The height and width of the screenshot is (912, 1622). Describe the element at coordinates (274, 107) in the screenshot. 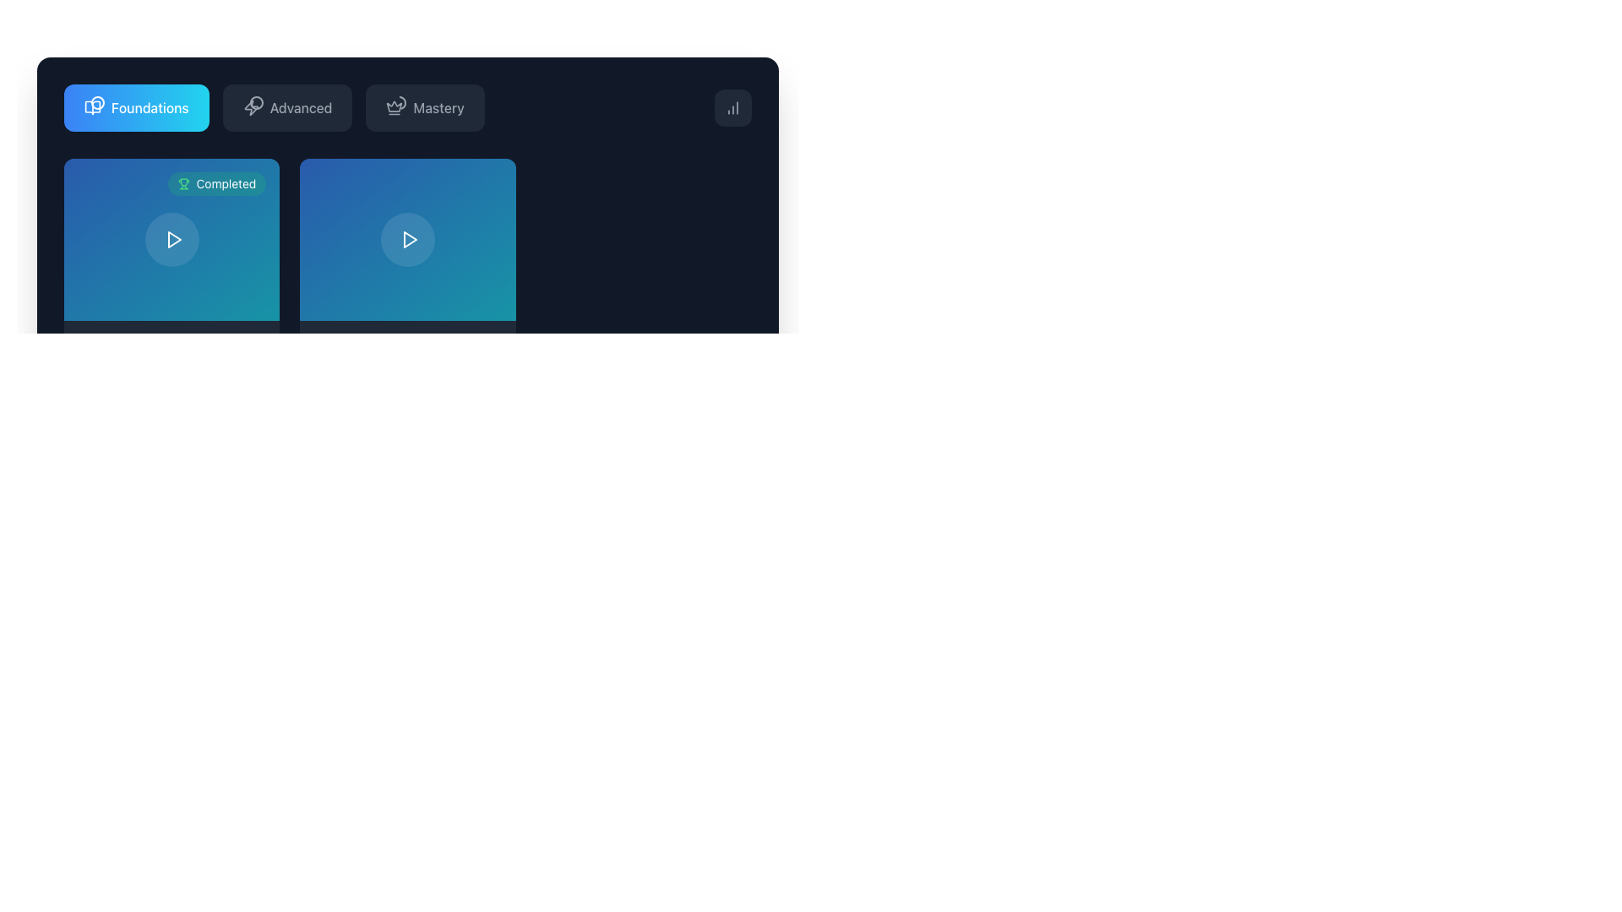

I see `the 'Advanced' tab in the navigation menu located at the top of the interface` at that location.